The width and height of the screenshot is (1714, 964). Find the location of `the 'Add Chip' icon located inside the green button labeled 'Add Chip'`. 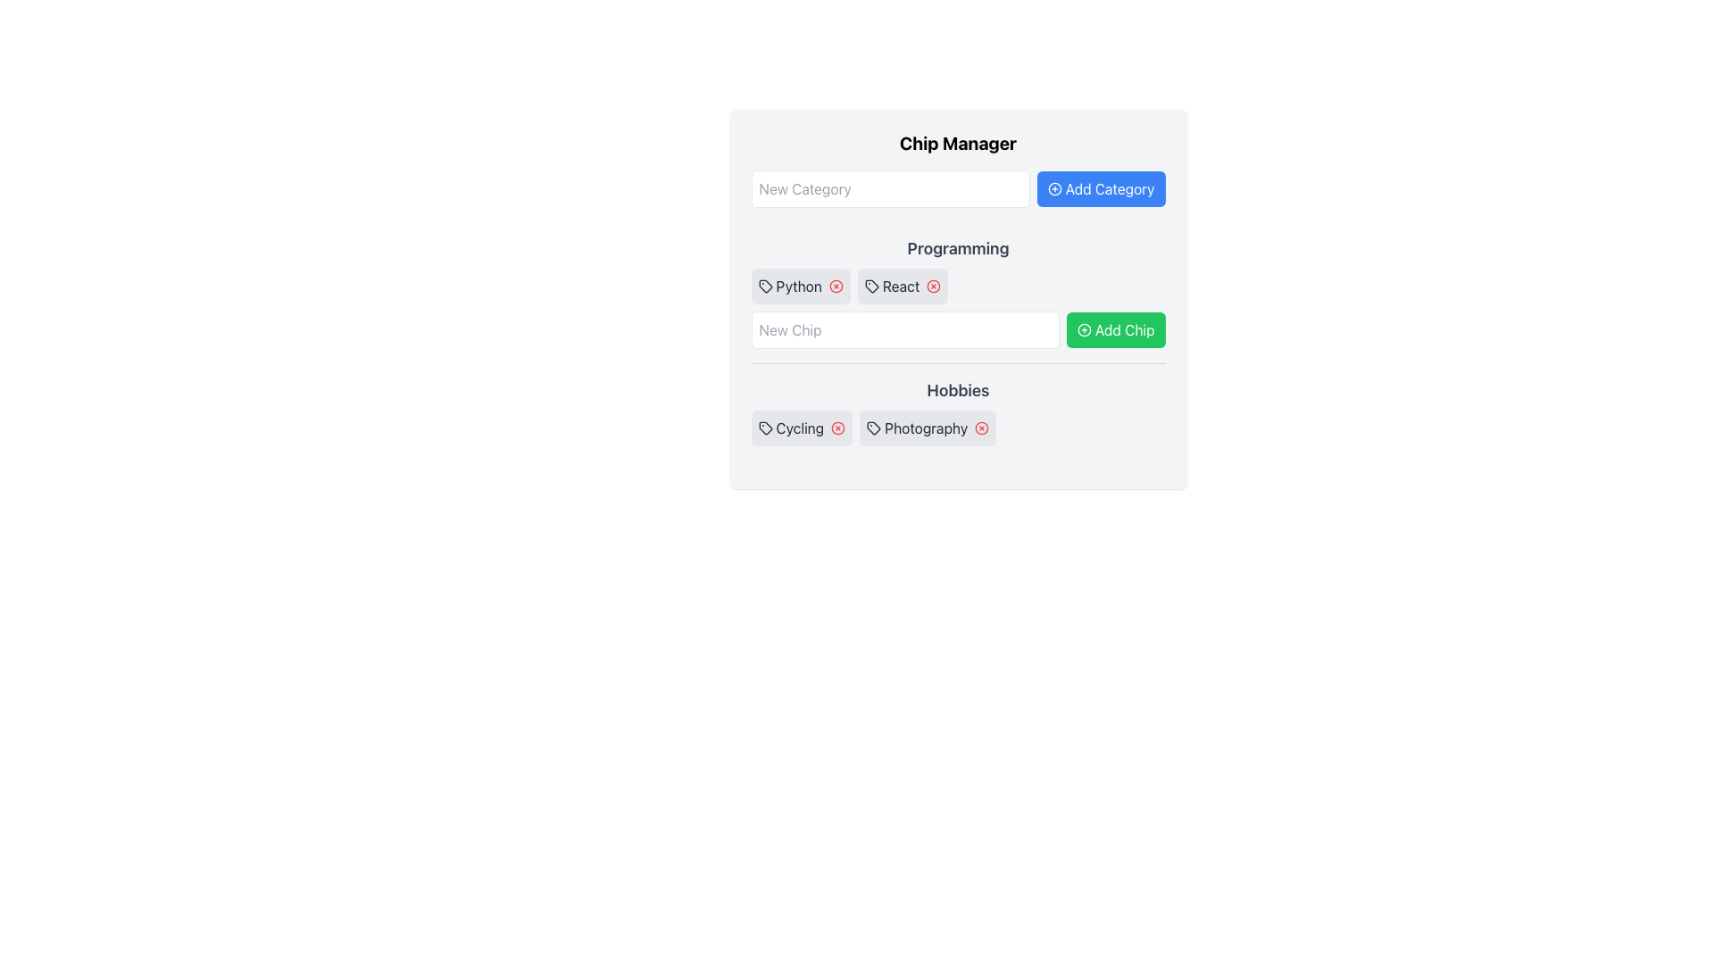

the 'Add Chip' icon located inside the green button labeled 'Add Chip' is located at coordinates (1083, 330).